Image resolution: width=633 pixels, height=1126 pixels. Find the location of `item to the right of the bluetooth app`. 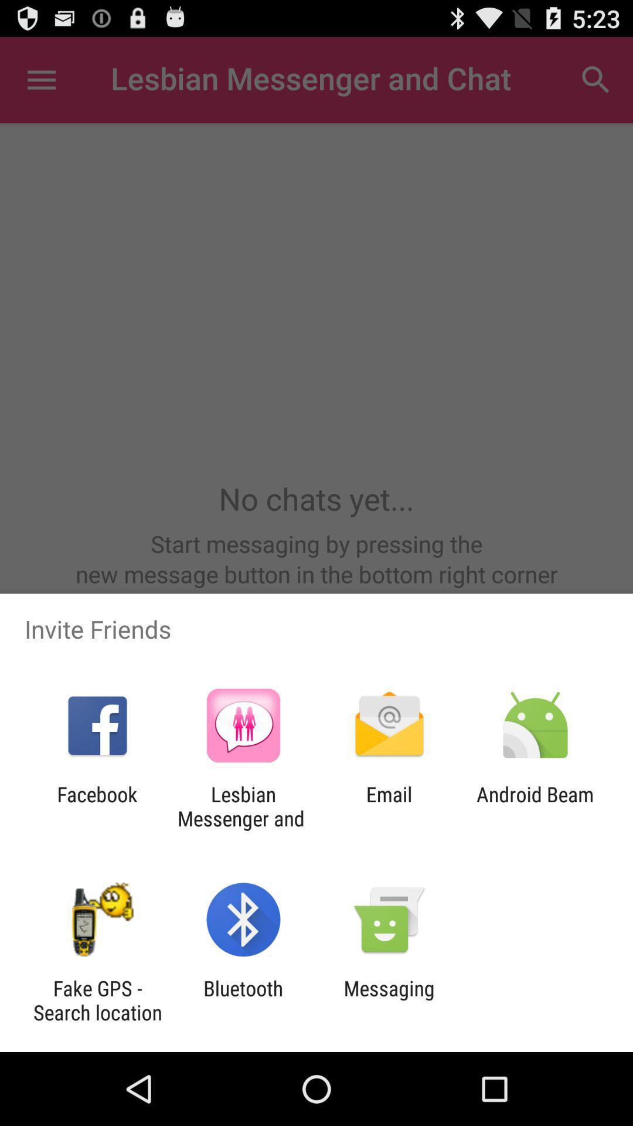

item to the right of the bluetooth app is located at coordinates (389, 1000).